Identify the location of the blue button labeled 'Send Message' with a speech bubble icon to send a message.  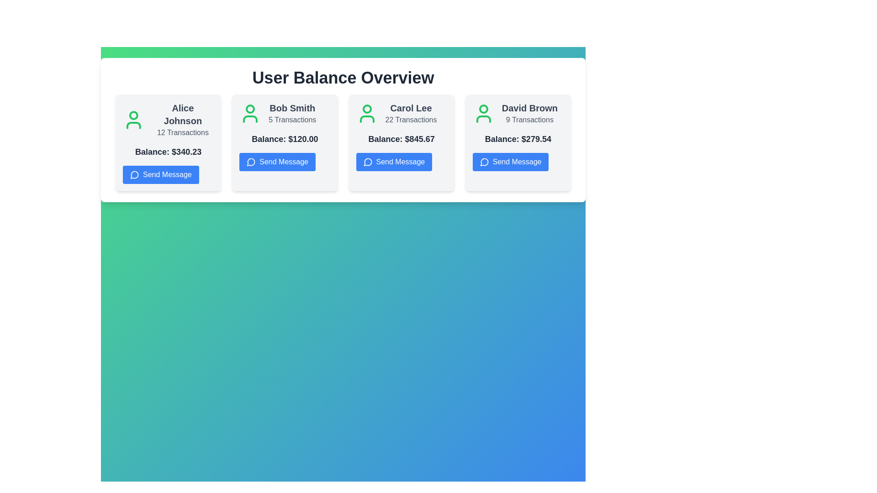
(510, 161).